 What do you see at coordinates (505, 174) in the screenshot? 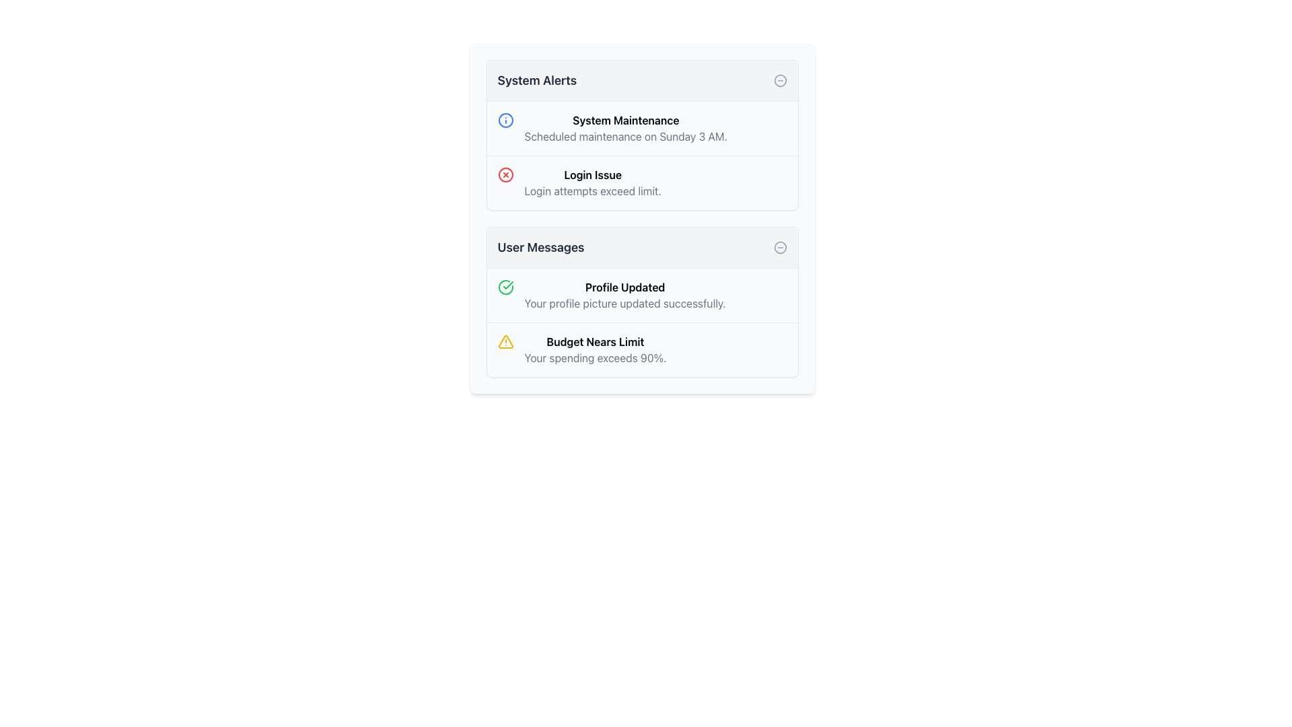
I see `the alert icon located beside the 'Login Issue' message in the 'System Alerts' section` at bounding box center [505, 174].